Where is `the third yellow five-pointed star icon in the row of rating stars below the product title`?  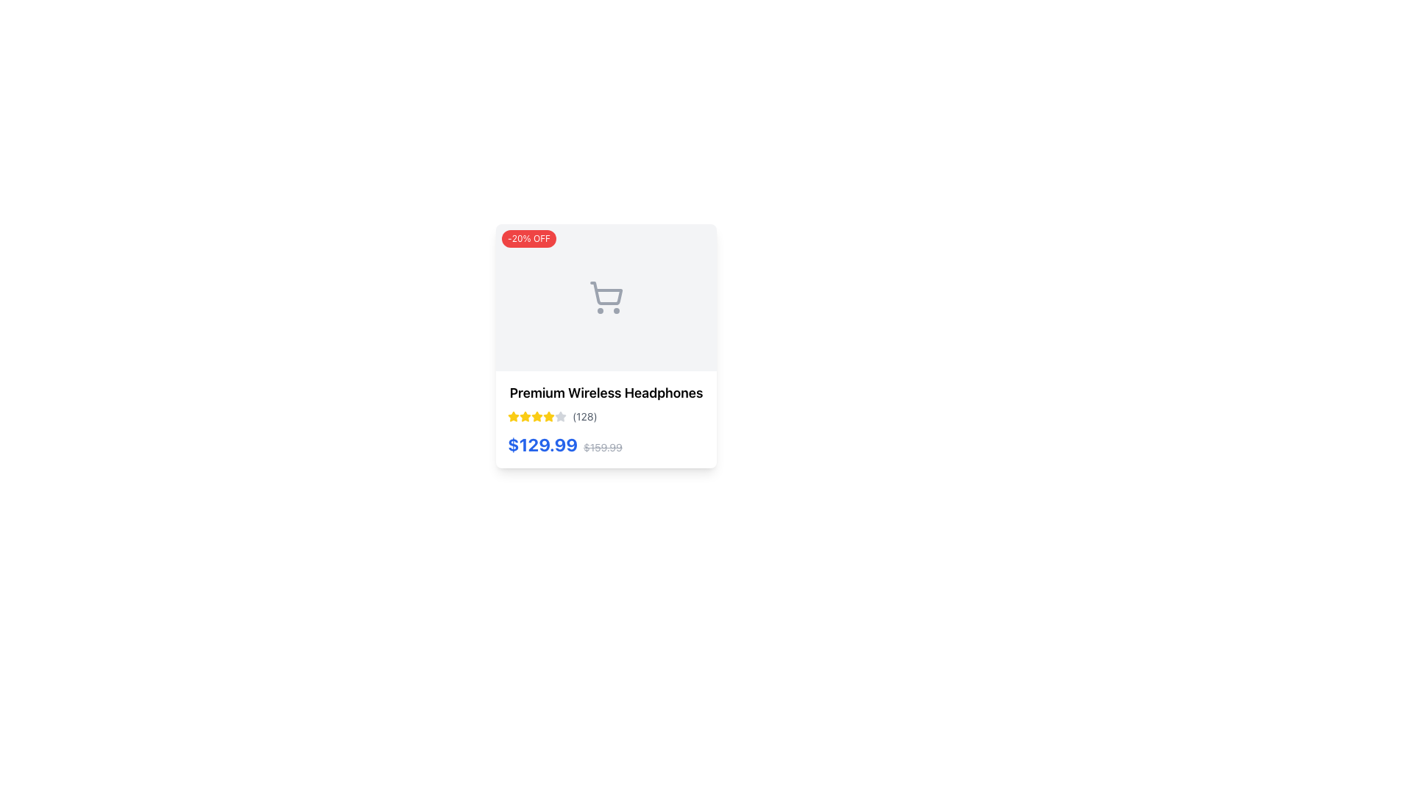
the third yellow five-pointed star icon in the row of rating stars below the product title is located at coordinates (548, 416).